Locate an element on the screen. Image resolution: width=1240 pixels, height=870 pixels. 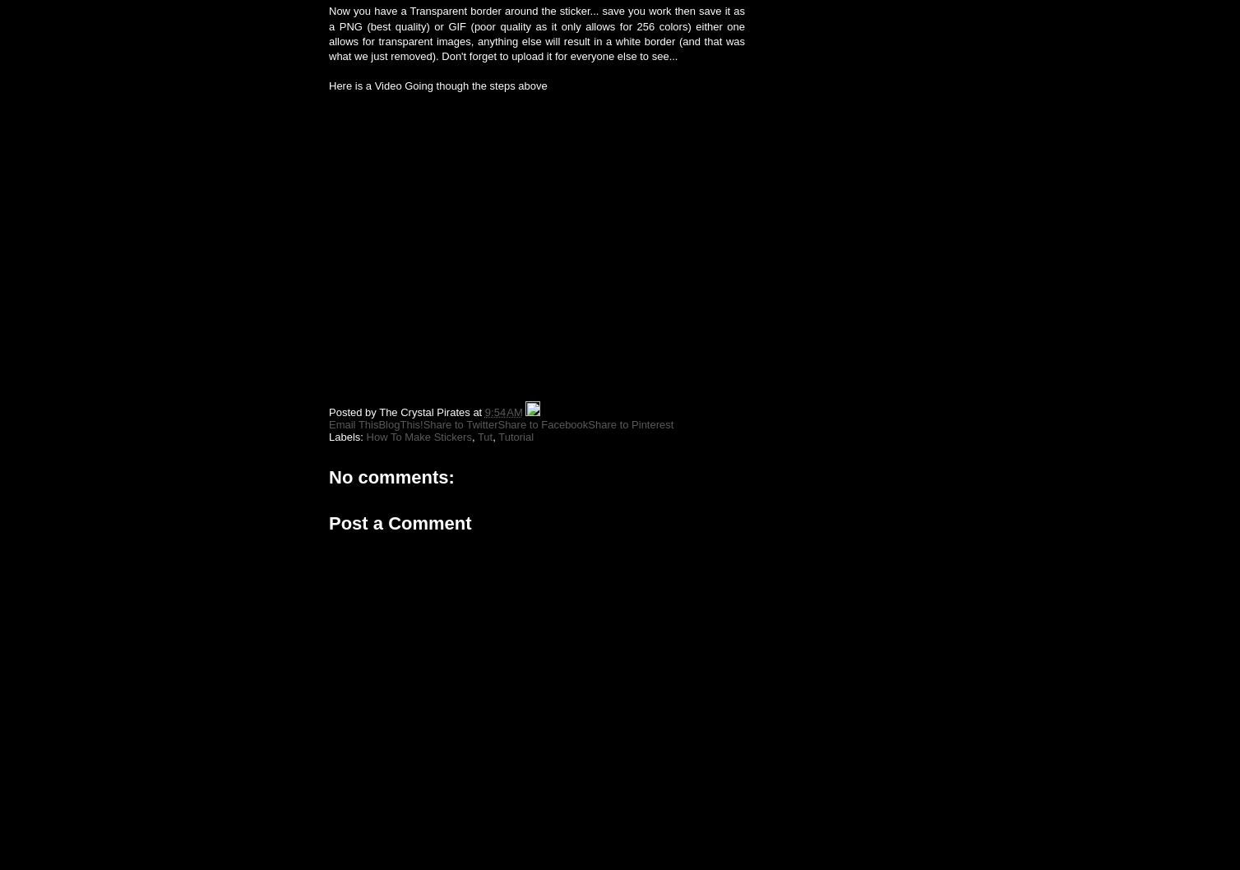
'at' is located at coordinates (477, 411).